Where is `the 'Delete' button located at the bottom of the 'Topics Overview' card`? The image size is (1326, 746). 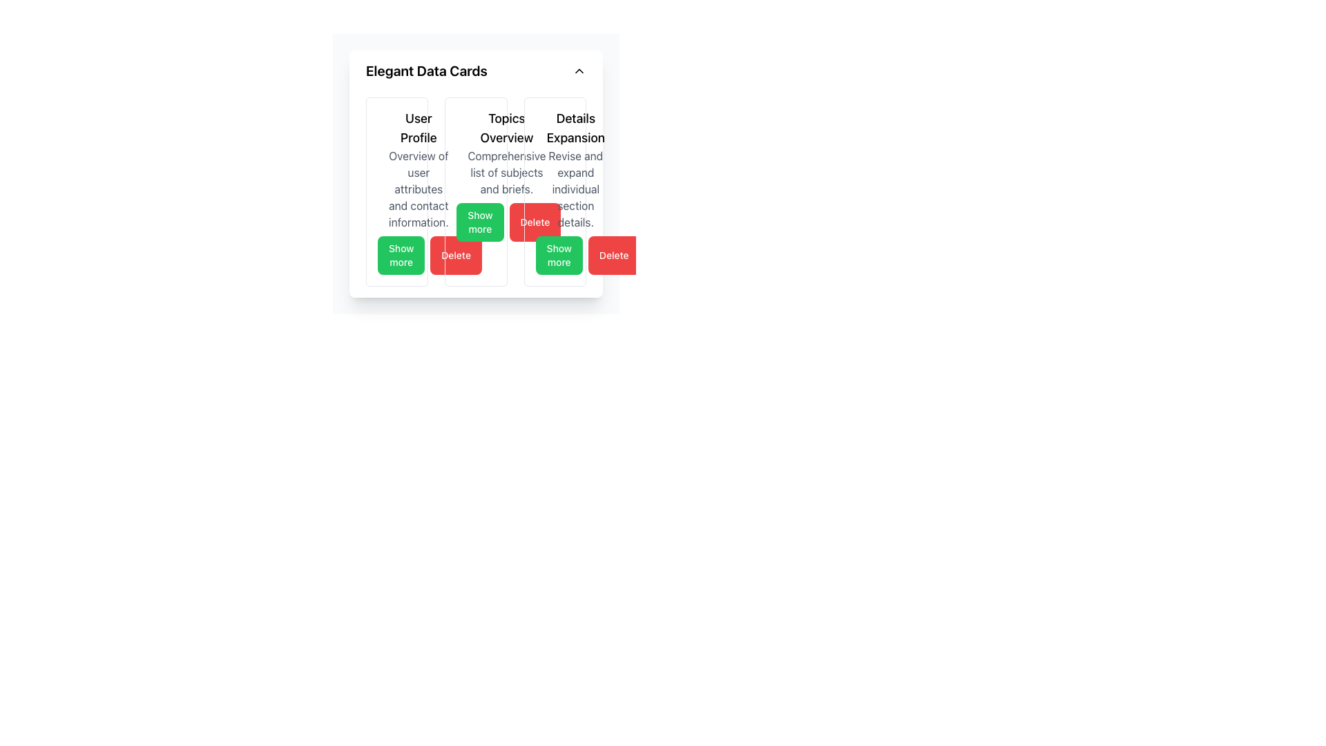 the 'Delete' button located at the bottom of the 'Topics Overview' card is located at coordinates (476, 221).